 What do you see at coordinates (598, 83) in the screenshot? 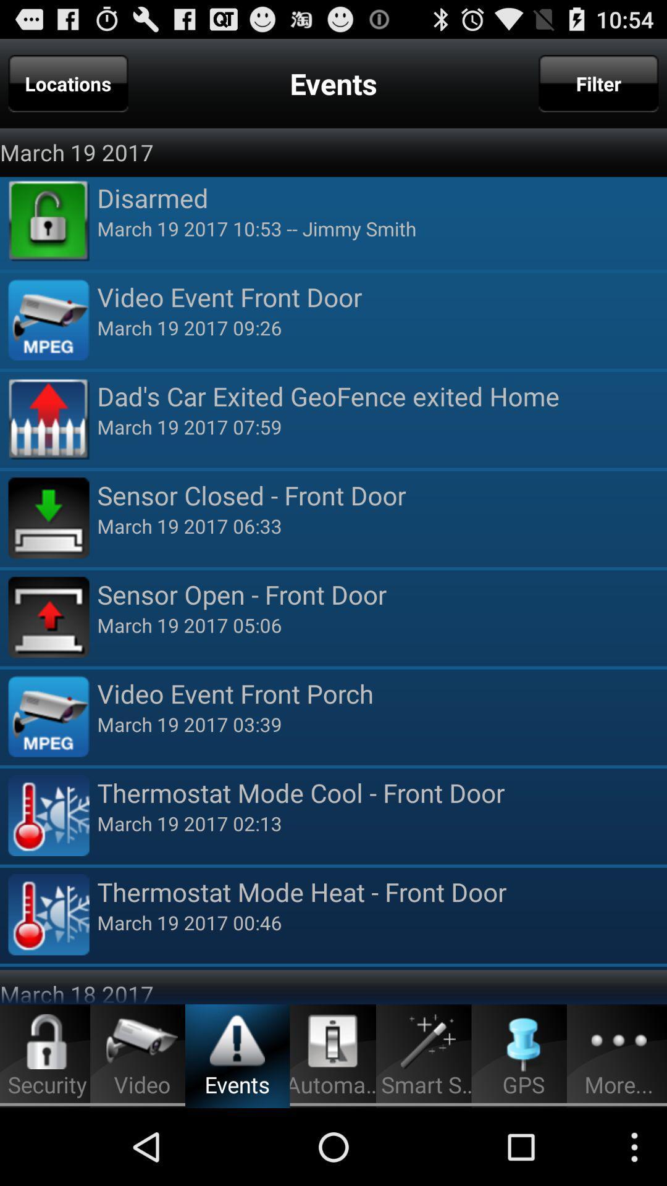
I see `the app above the disarmed` at bounding box center [598, 83].